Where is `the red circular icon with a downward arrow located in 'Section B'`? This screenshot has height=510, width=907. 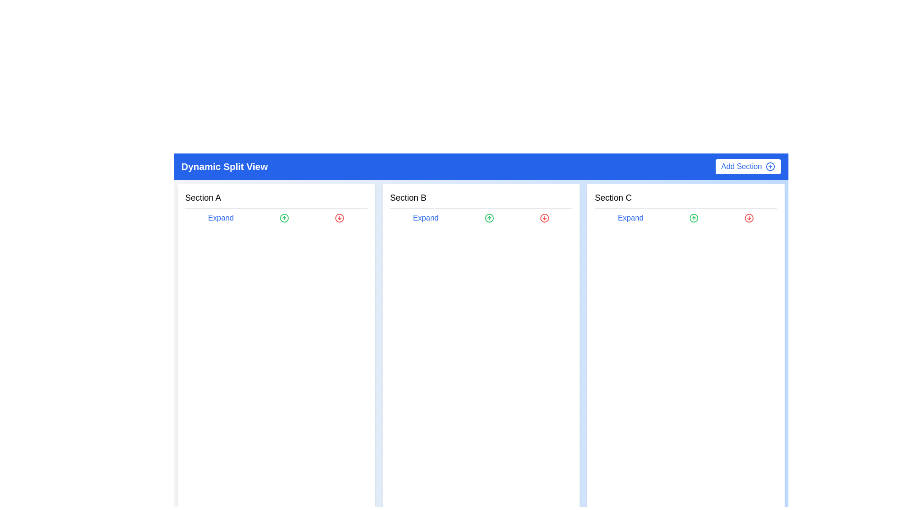 the red circular icon with a downward arrow located in 'Section B' is located at coordinates (544, 218).